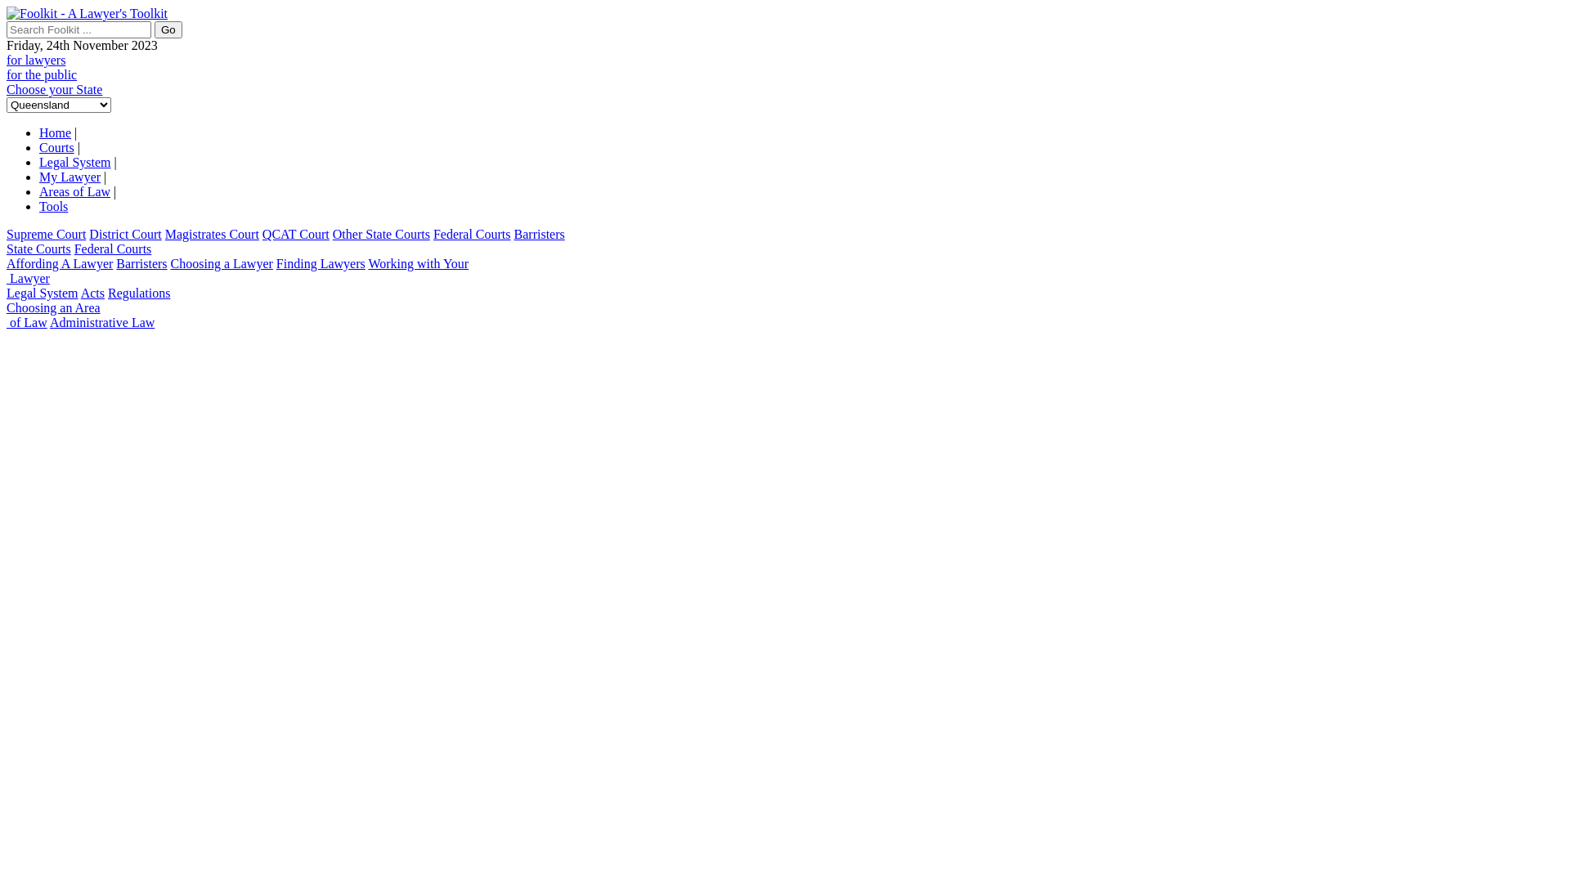 Image resolution: width=1570 pixels, height=883 pixels. Describe the element at coordinates (59, 262) in the screenshot. I see `'Affording A Lawyer'` at that location.